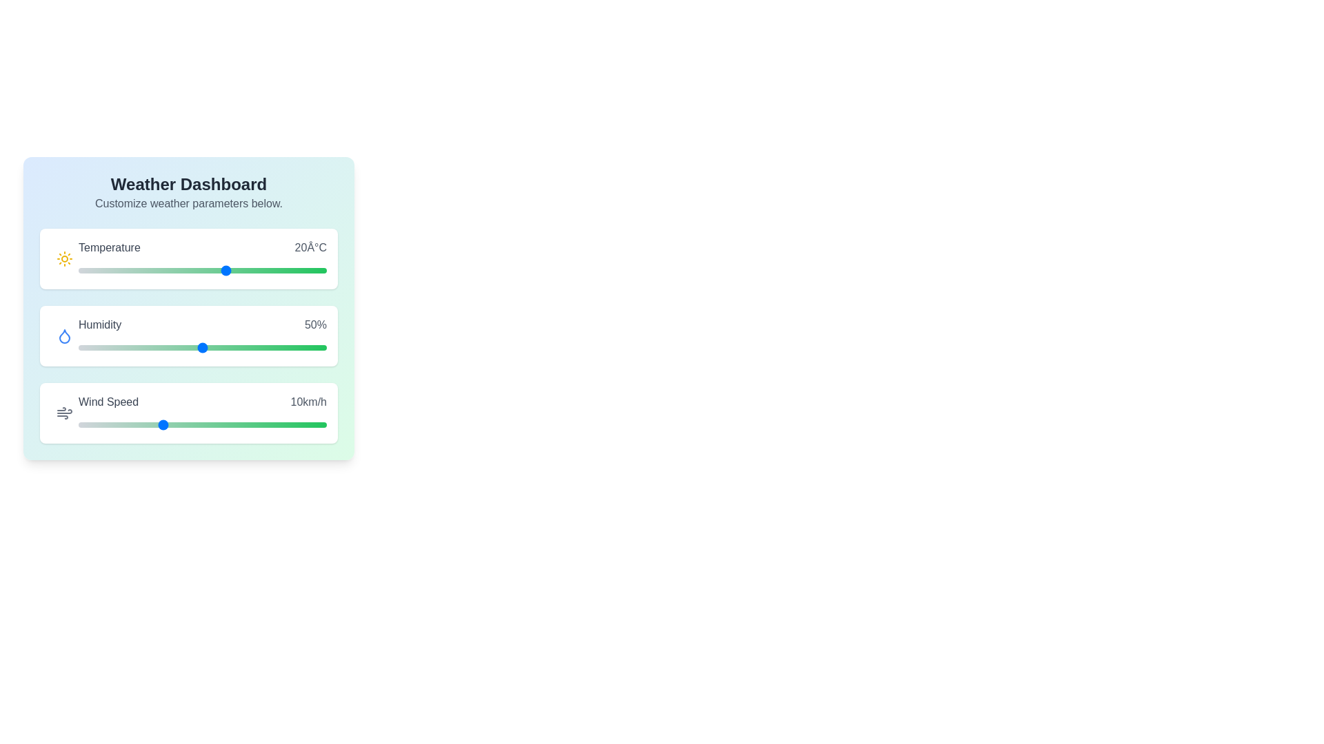  Describe the element at coordinates (123, 271) in the screenshot. I see `the temperature slider to -1°C` at that location.